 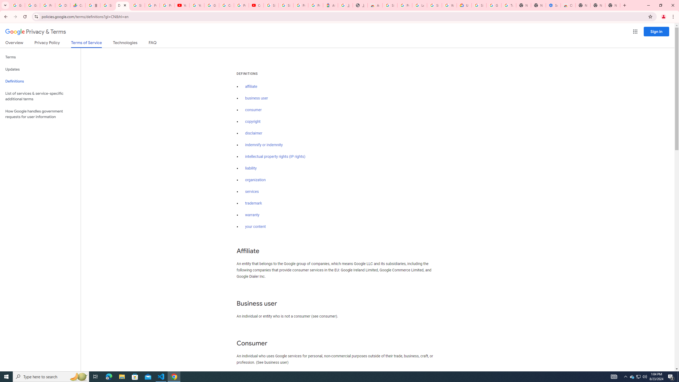 What do you see at coordinates (252, 215) in the screenshot?
I see `'warranty'` at bounding box center [252, 215].